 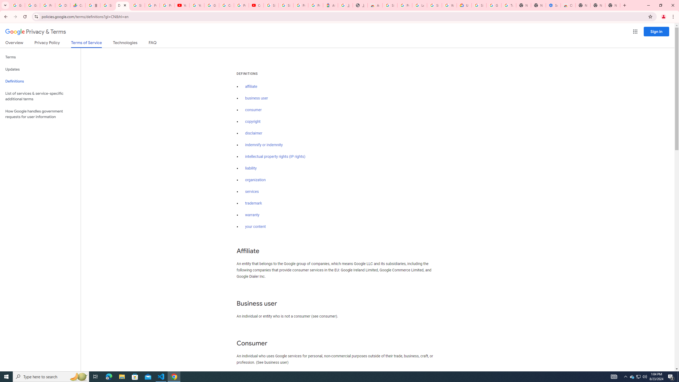 What do you see at coordinates (252, 215) in the screenshot?
I see `'warranty'` at bounding box center [252, 215].